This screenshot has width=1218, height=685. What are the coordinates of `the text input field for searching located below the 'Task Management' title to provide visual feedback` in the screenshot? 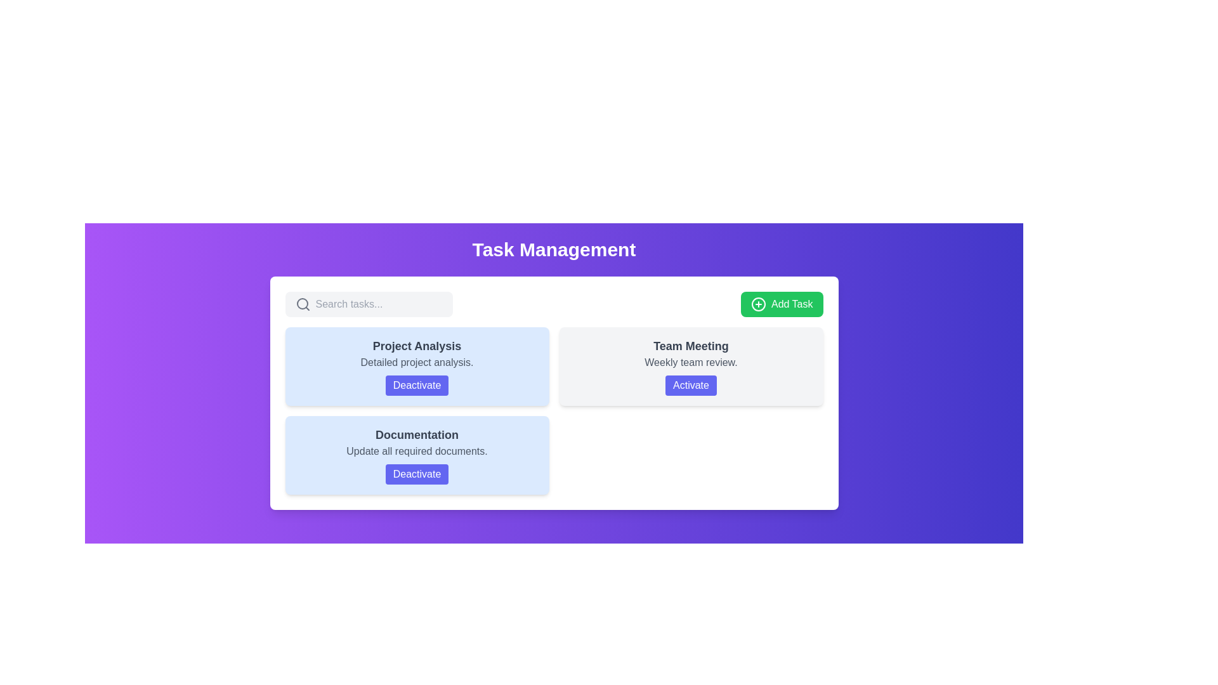 It's located at (368, 304).